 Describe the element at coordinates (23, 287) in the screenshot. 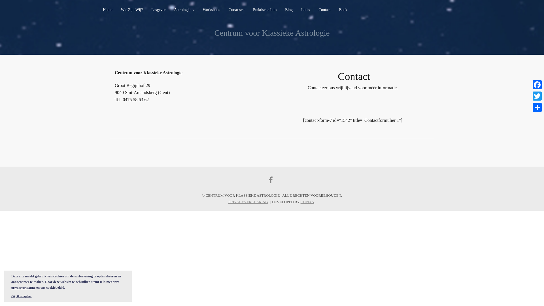

I see `'privacyverklaring'` at that location.